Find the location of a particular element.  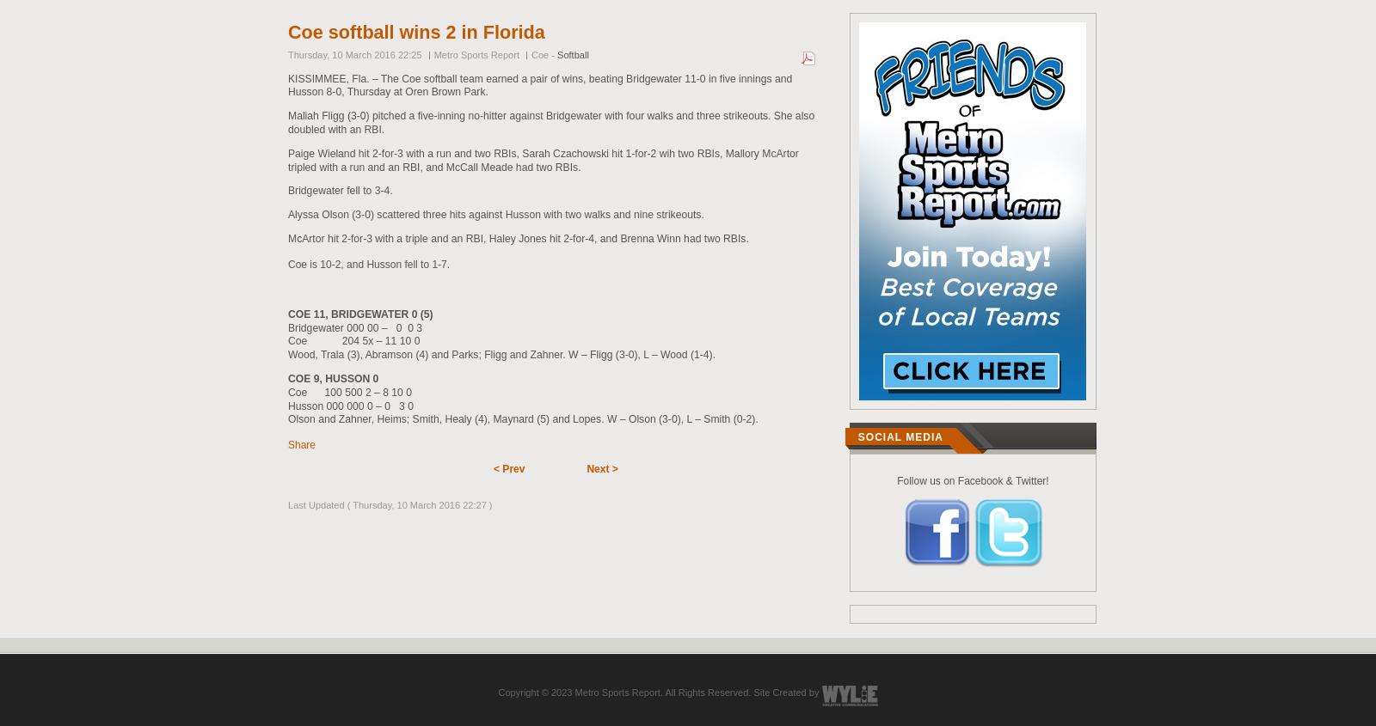

'Maliah Fligg (3-0) pitched a five-inning no-hitter against Bridgewater with four walks and three strikeouts. She also doubled with an RBI.' is located at coordinates (550, 122).